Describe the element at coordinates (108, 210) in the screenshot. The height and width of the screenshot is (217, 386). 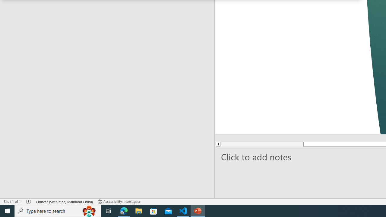
I see `'Task View'` at that location.